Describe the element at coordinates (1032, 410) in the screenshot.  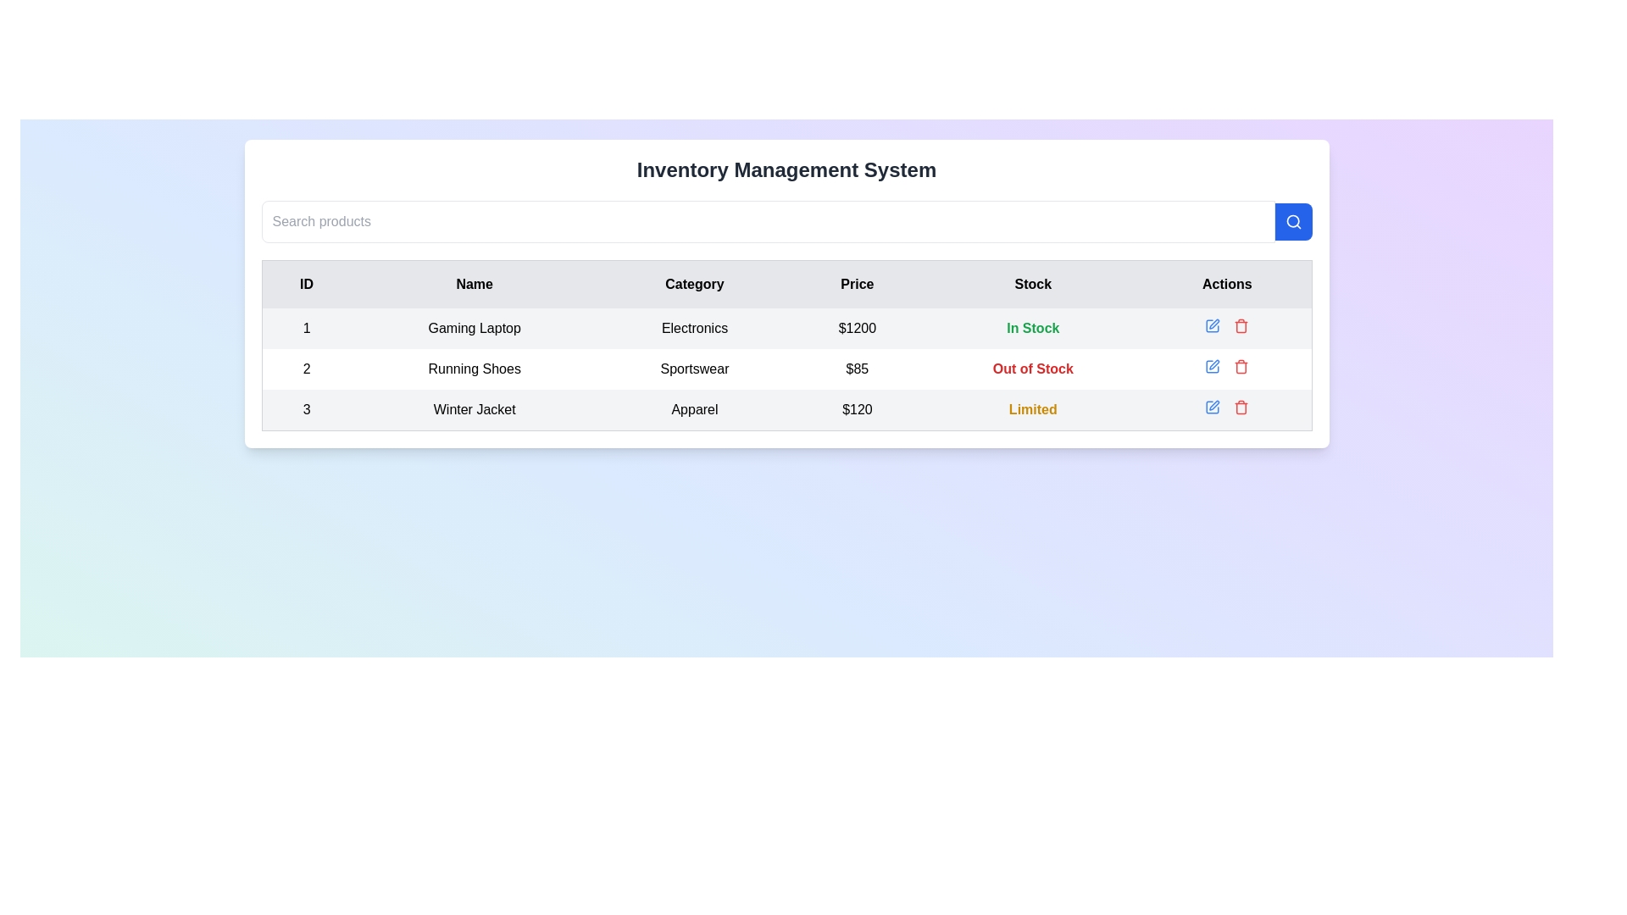
I see `the text label displaying 'Limited' in bold yellow, located in the last column of the third row of the table in the inventory management system interface` at that location.